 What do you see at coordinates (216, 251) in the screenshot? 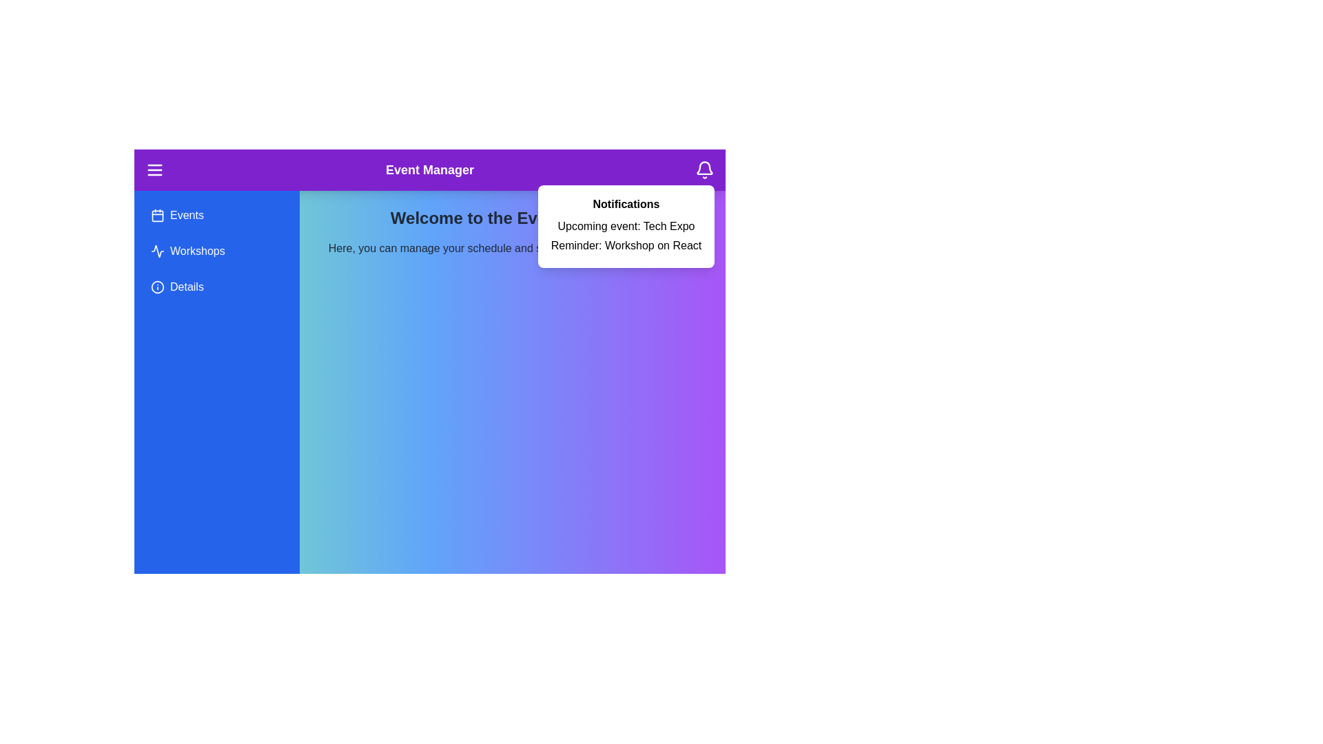
I see `the sidebar menu item Workshops to interact with it` at bounding box center [216, 251].